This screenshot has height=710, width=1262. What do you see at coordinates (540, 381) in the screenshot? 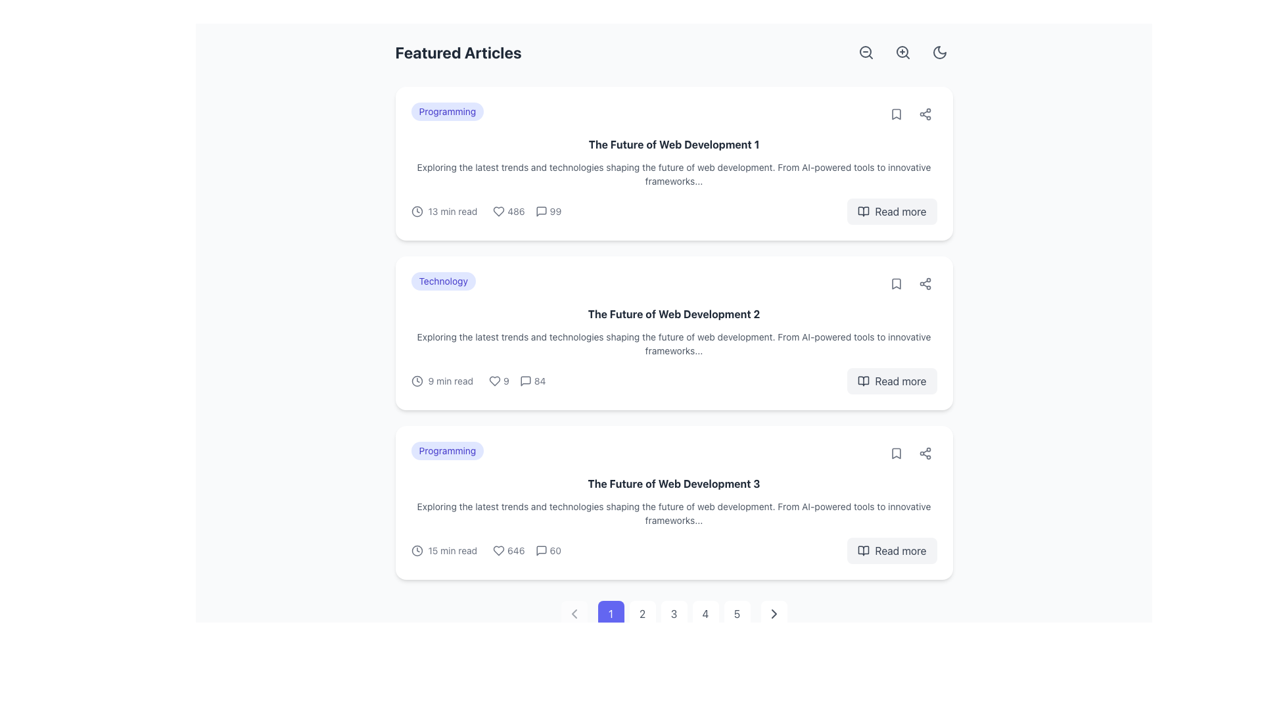
I see `the textual label displaying the number of comments related to the second article entry in the 'Featured Articles' section` at bounding box center [540, 381].